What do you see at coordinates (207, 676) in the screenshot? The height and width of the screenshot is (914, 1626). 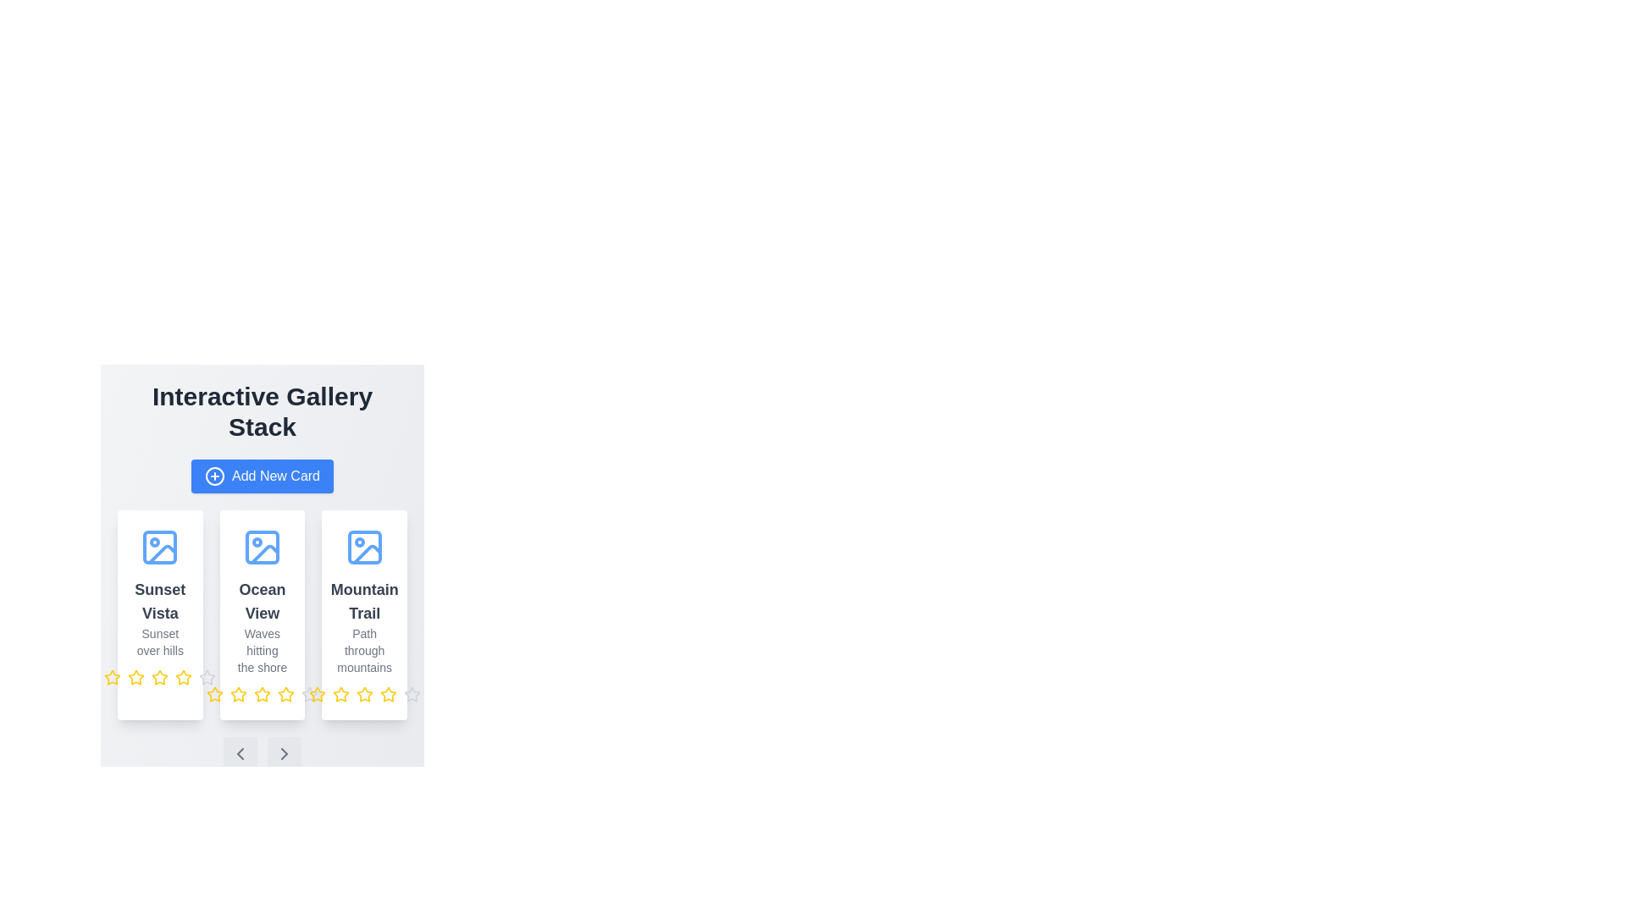 I see `the second star icon in the 5-star rating system for the 'Sunset Vista' card` at bounding box center [207, 676].